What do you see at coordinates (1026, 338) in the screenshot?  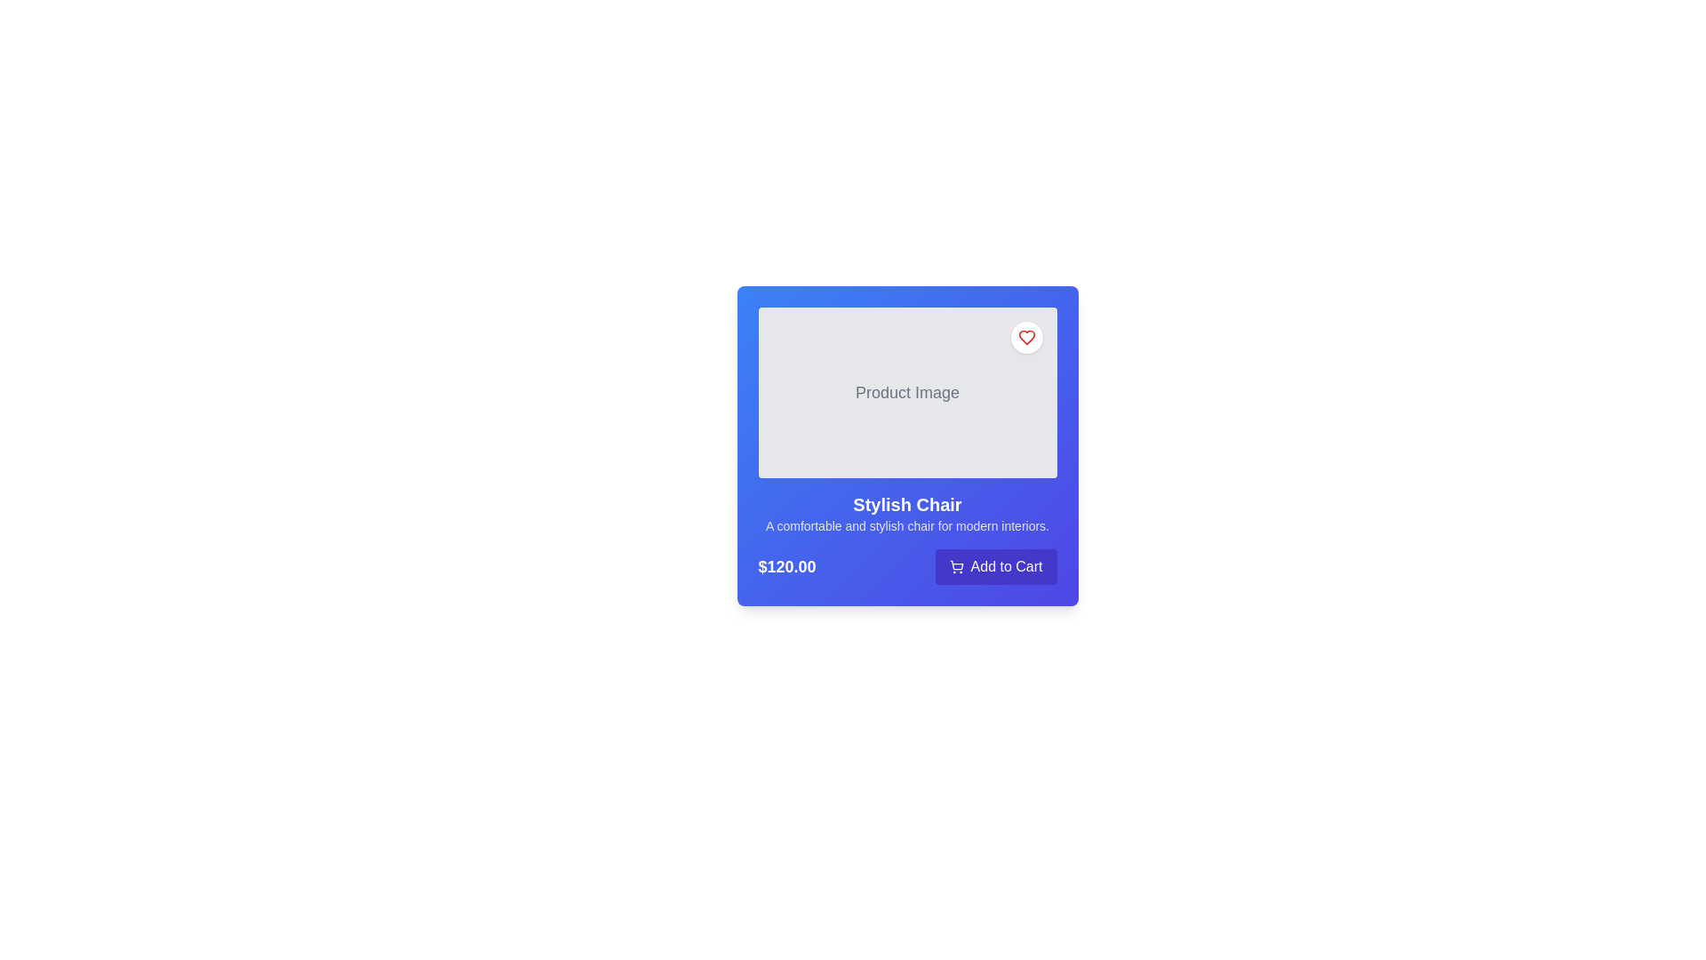 I see `the favorite icon located within the circular button in the top-right corner of the card layout to mark the associated item as favorite` at bounding box center [1026, 338].